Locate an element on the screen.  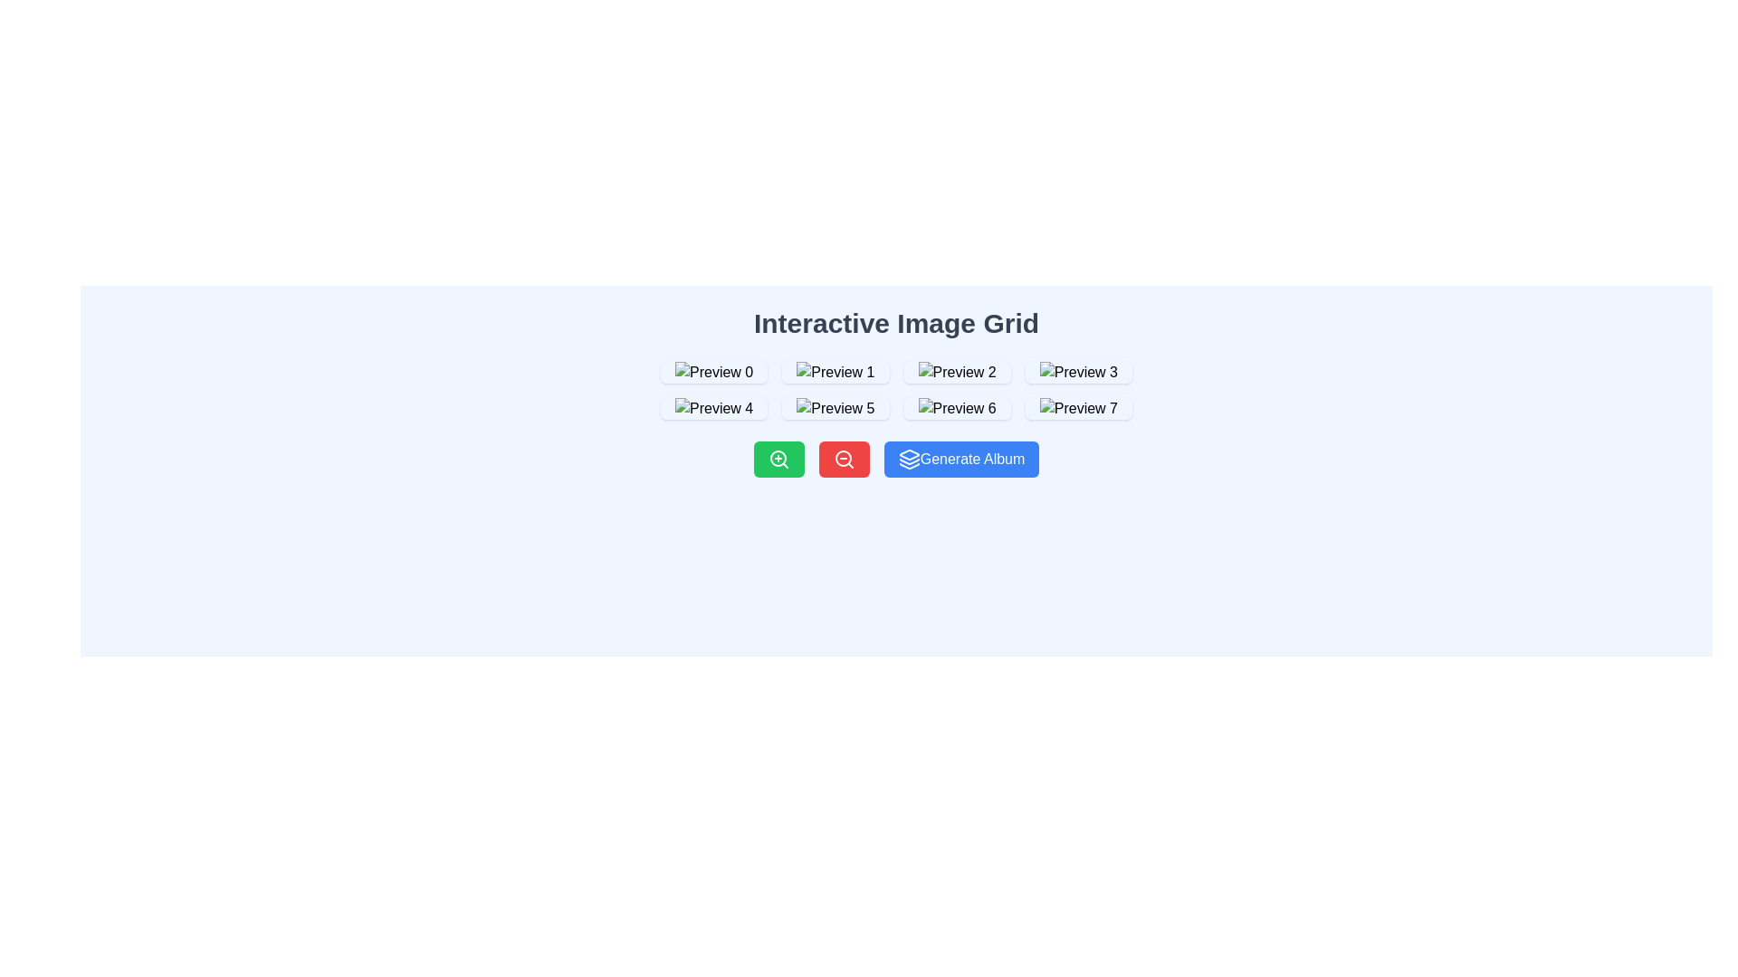
the rightmost button in a row of three buttons is located at coordinates (896, 459).